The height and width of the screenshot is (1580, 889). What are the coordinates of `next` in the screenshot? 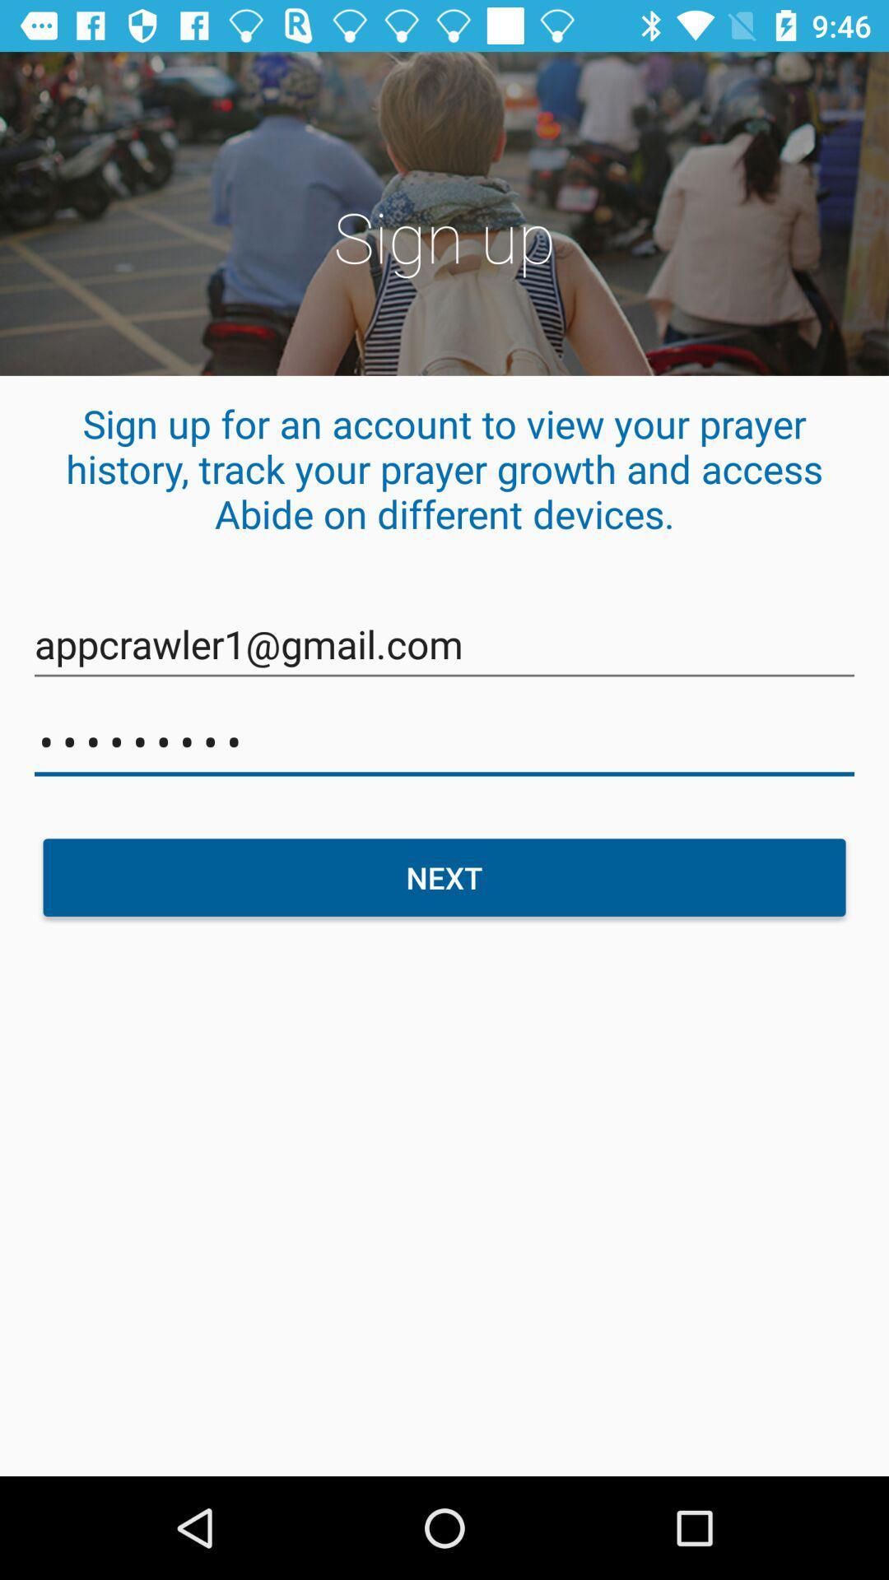 It's located at (444, 876).